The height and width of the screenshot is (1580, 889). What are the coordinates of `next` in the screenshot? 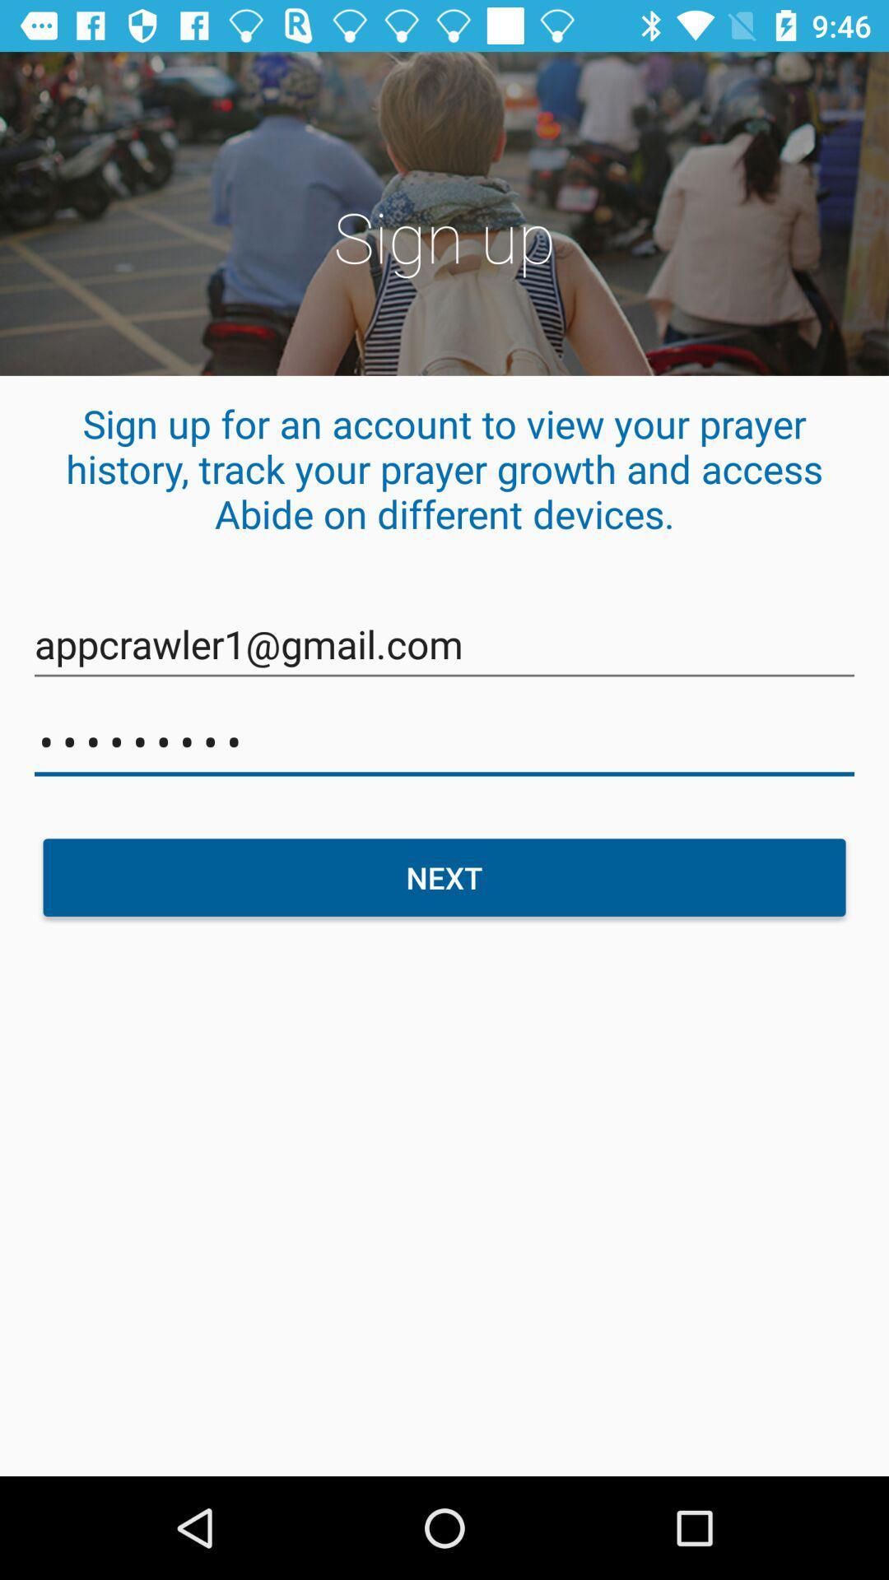 It's located at (444, 876).